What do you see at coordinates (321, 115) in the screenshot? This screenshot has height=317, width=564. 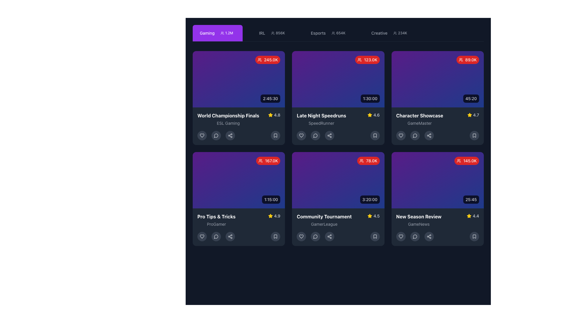 I see `the bold text label 'Late Night Speedruns' styled in white, located in the header section of the second card in the top row of a grid layout` at bounding box center [321, 115].